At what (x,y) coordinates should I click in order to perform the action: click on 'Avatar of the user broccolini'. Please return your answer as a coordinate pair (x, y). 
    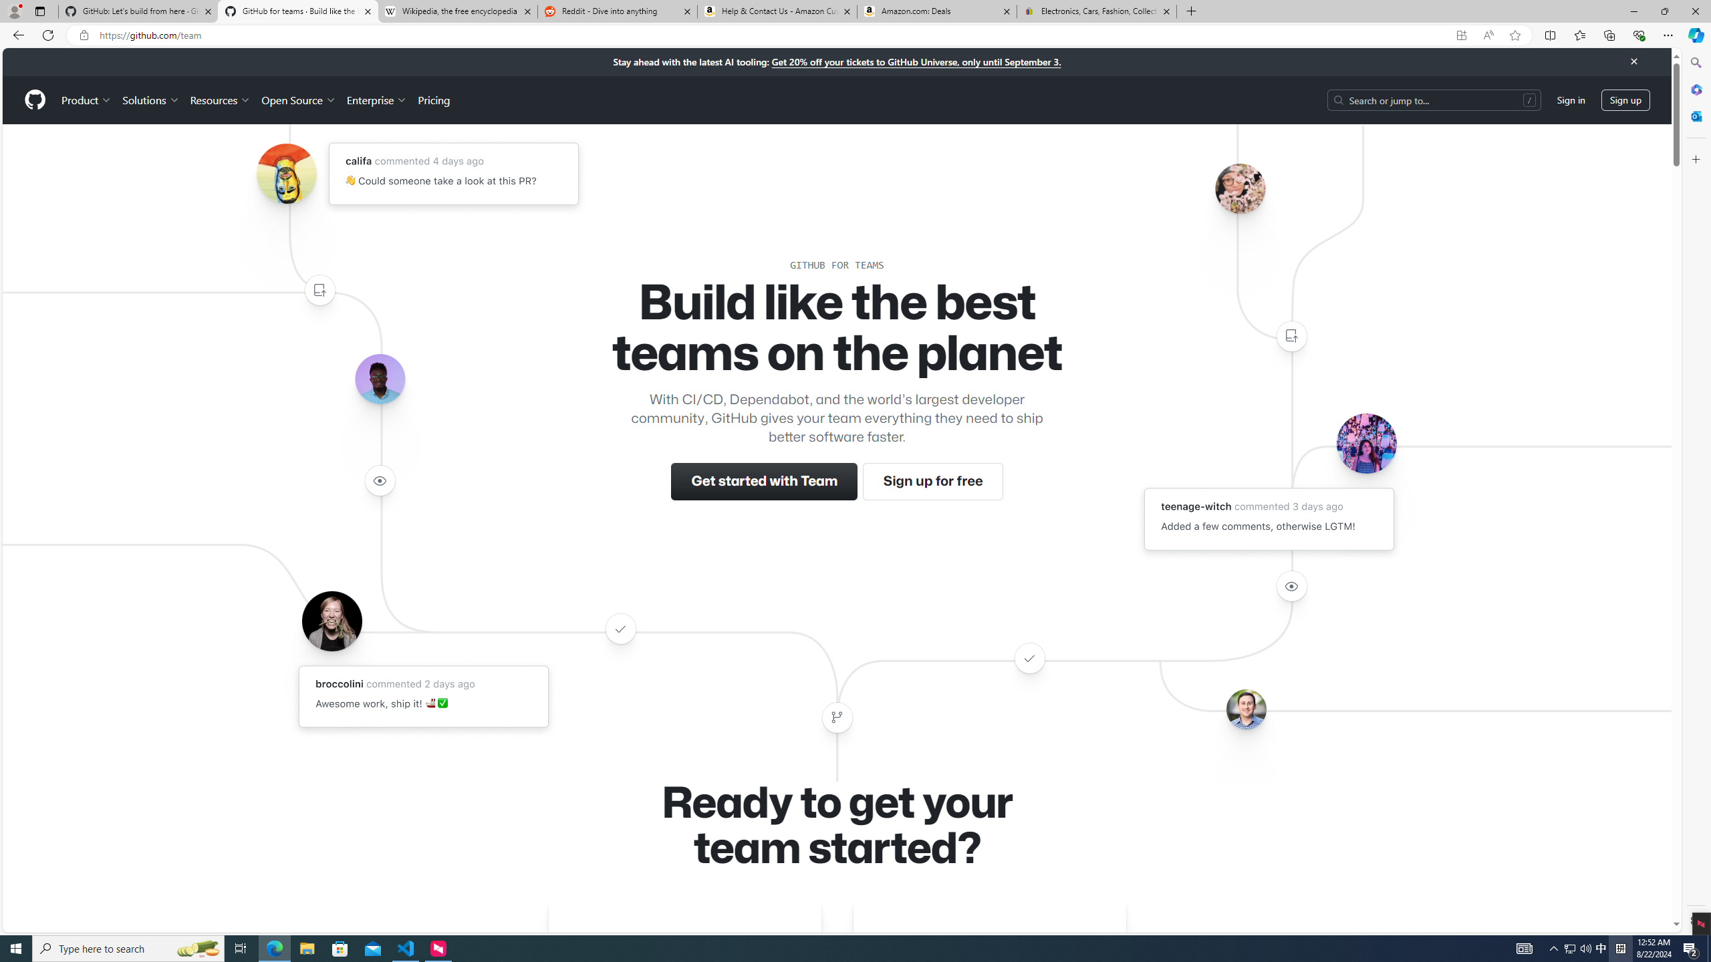
    Looking at the image, I should click on (332, 620).